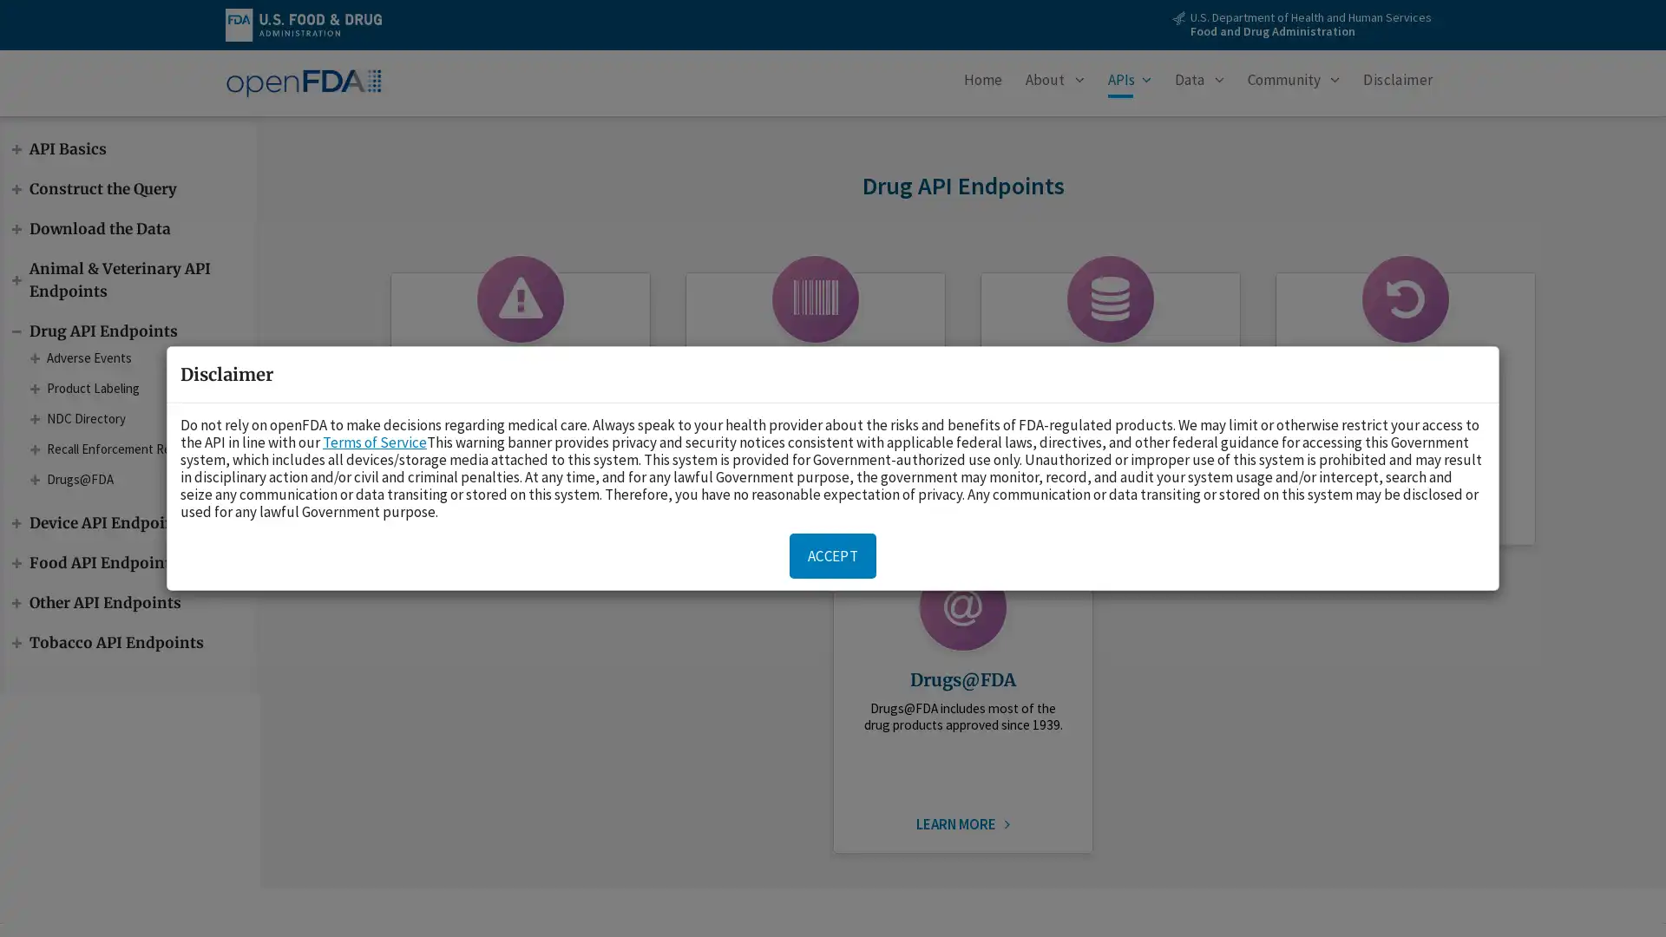  I want to click on Disclaimer, so click(1398, 83).